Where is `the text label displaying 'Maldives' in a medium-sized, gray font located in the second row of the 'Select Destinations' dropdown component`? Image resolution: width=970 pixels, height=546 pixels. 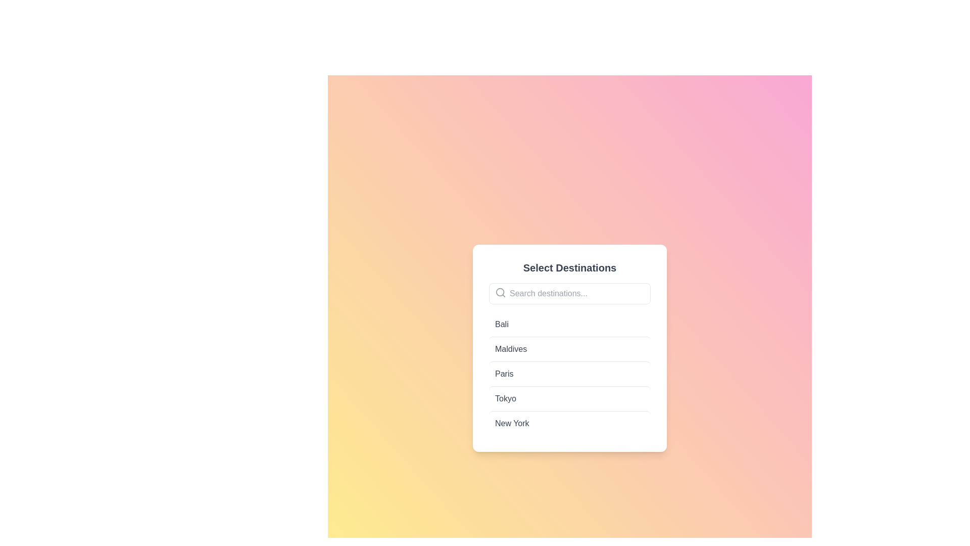
the text label displaying 'Maldives' in a medium-sized, gray font located in the second row of the 'Select Destinations' dropdown component is located at coordinates (511, 348).